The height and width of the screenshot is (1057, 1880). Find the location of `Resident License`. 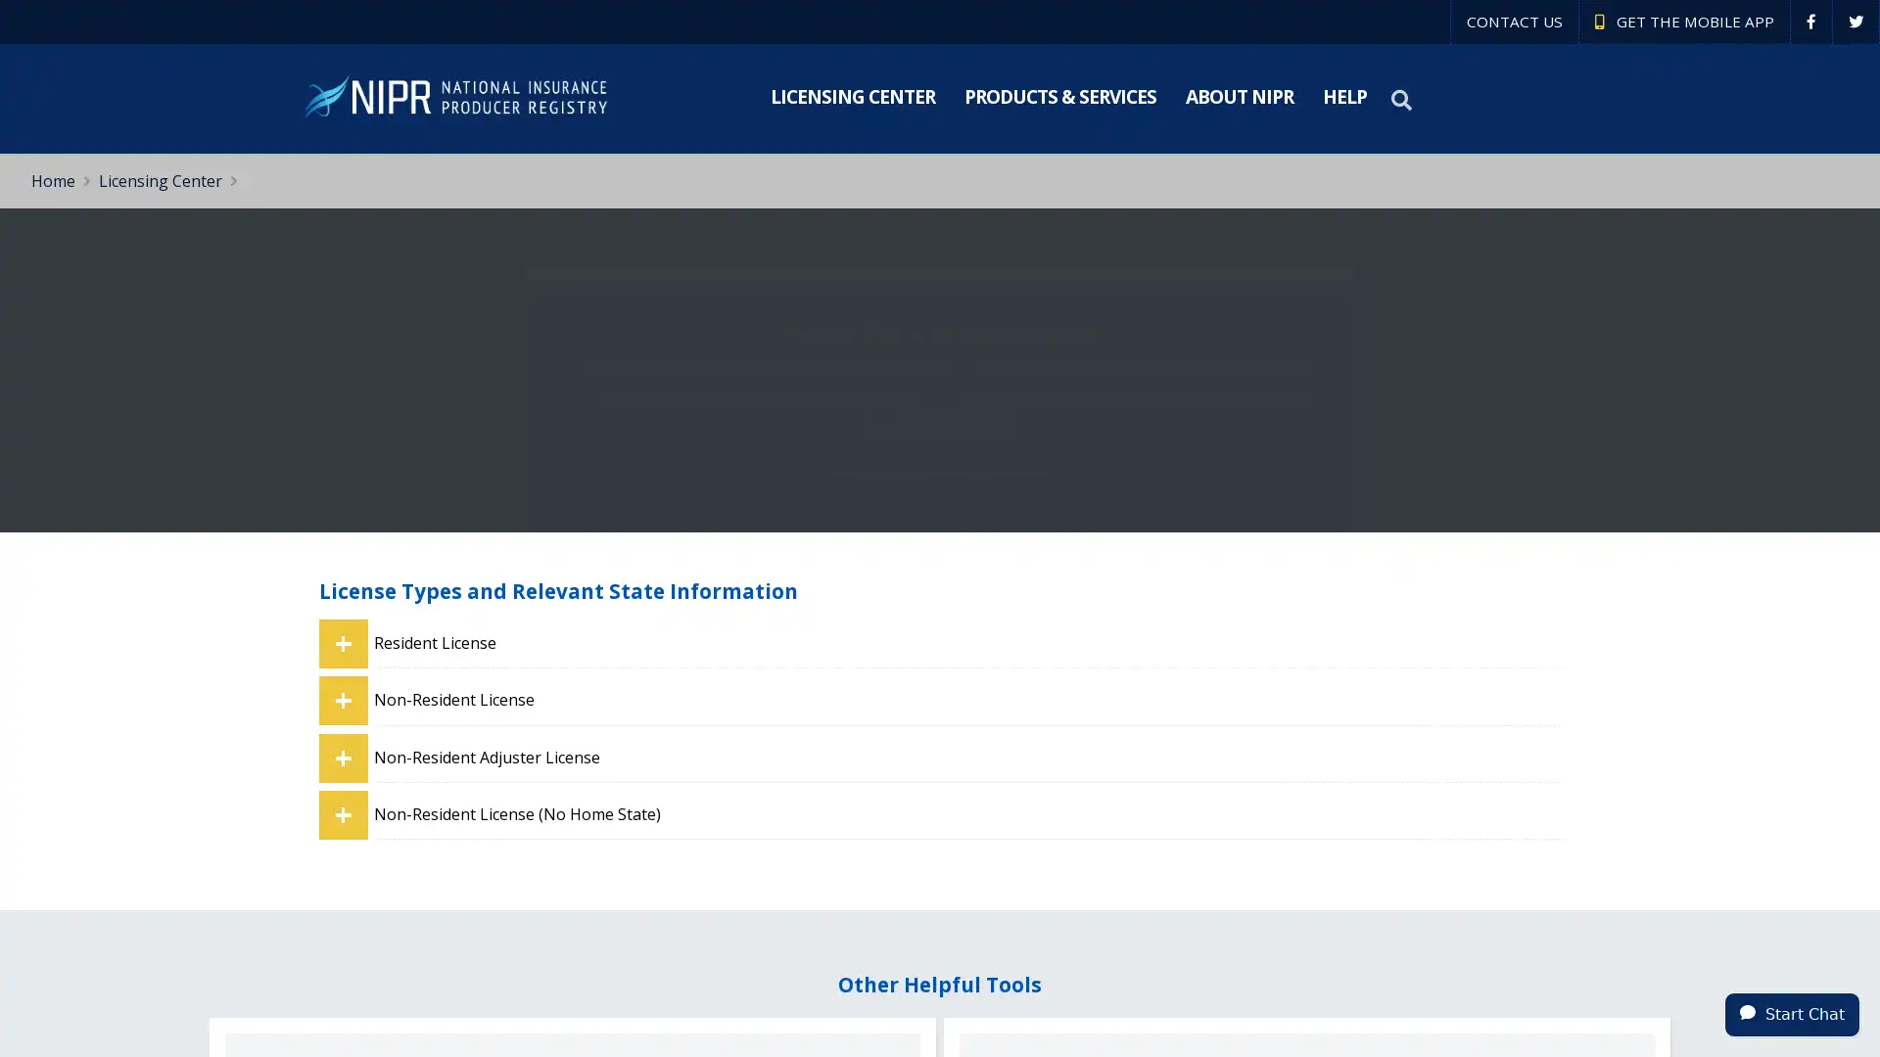

Resident License is located at coordinates (967, 643).